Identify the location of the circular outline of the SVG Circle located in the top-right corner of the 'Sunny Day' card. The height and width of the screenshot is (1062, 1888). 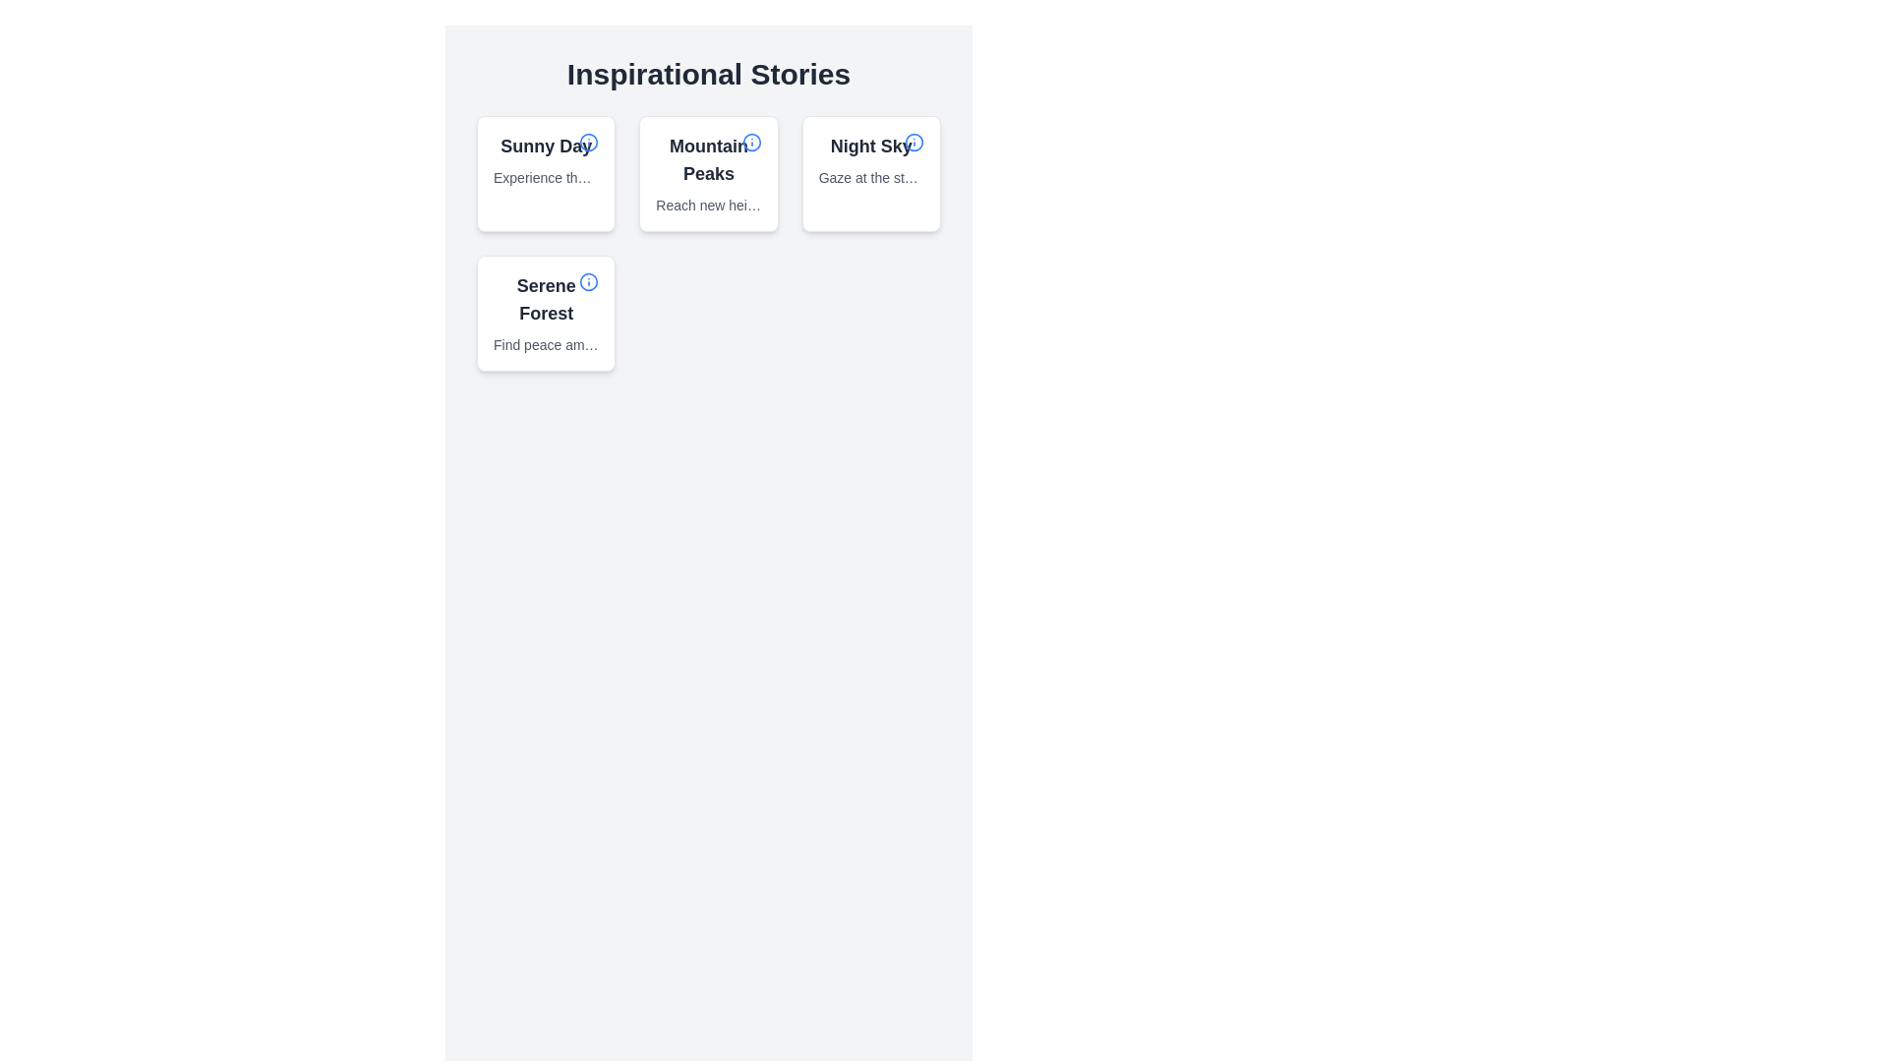
(588, 142).